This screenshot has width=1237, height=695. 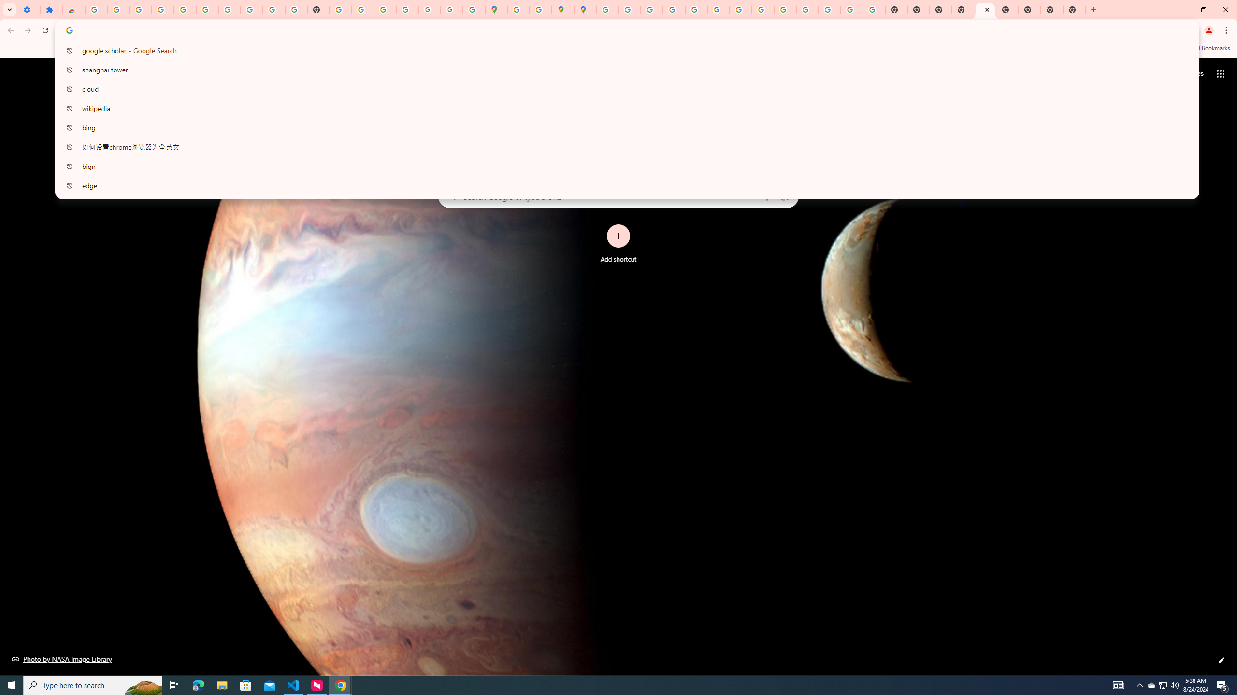 What do you see at coordinates (650, 9) in the screenshot?
I see `'Privacy Help Center - Policies Help'` at bounding box center [650, 9].